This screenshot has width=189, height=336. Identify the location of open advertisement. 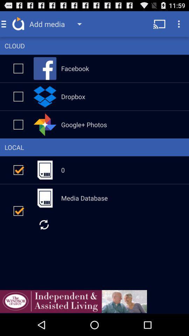
(73, 301).